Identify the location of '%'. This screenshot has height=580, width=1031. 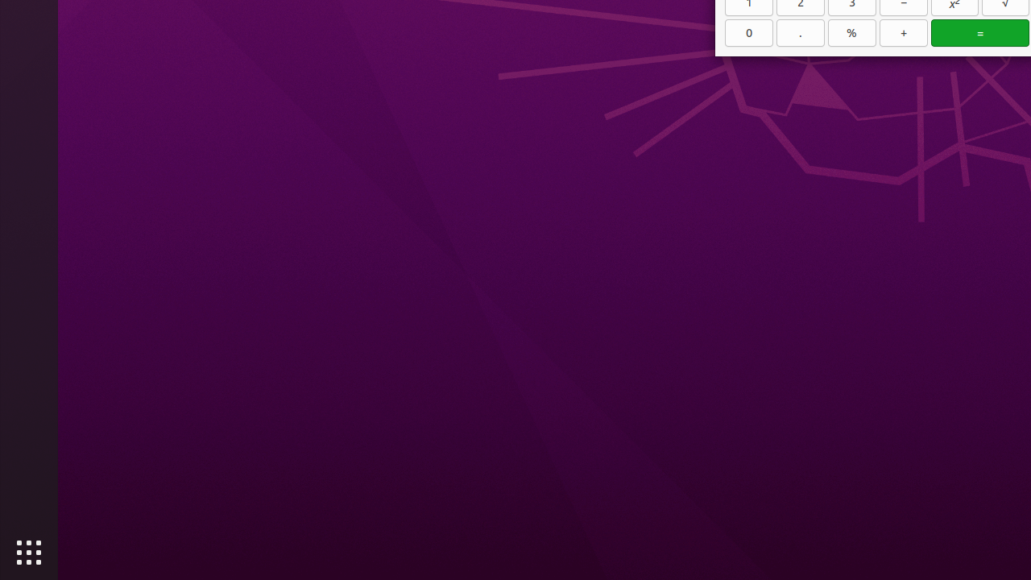
(851, 32).